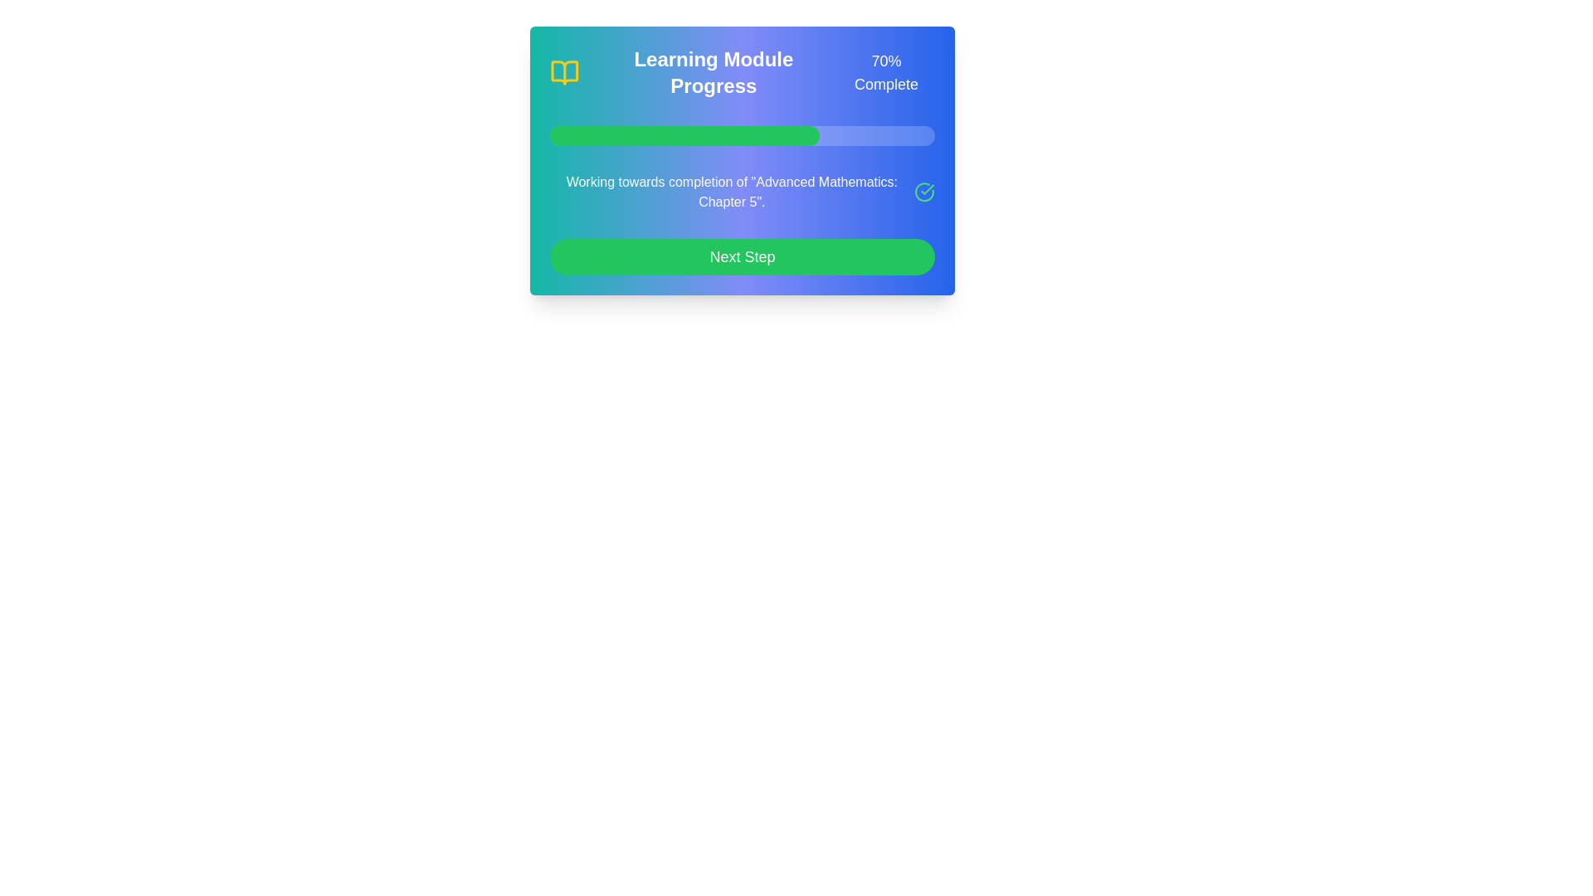 This screenshot has height=896, width=1593. What do you see at coordinates (731, 191) in the screenshot?
I see `the static text label that informs the user about the current progress status of their activity on 'Advanced Mathematics: Chapter 5', located above the green 'Next Step' button and below a horizontal progress bar` at bounding box center [731, 191].